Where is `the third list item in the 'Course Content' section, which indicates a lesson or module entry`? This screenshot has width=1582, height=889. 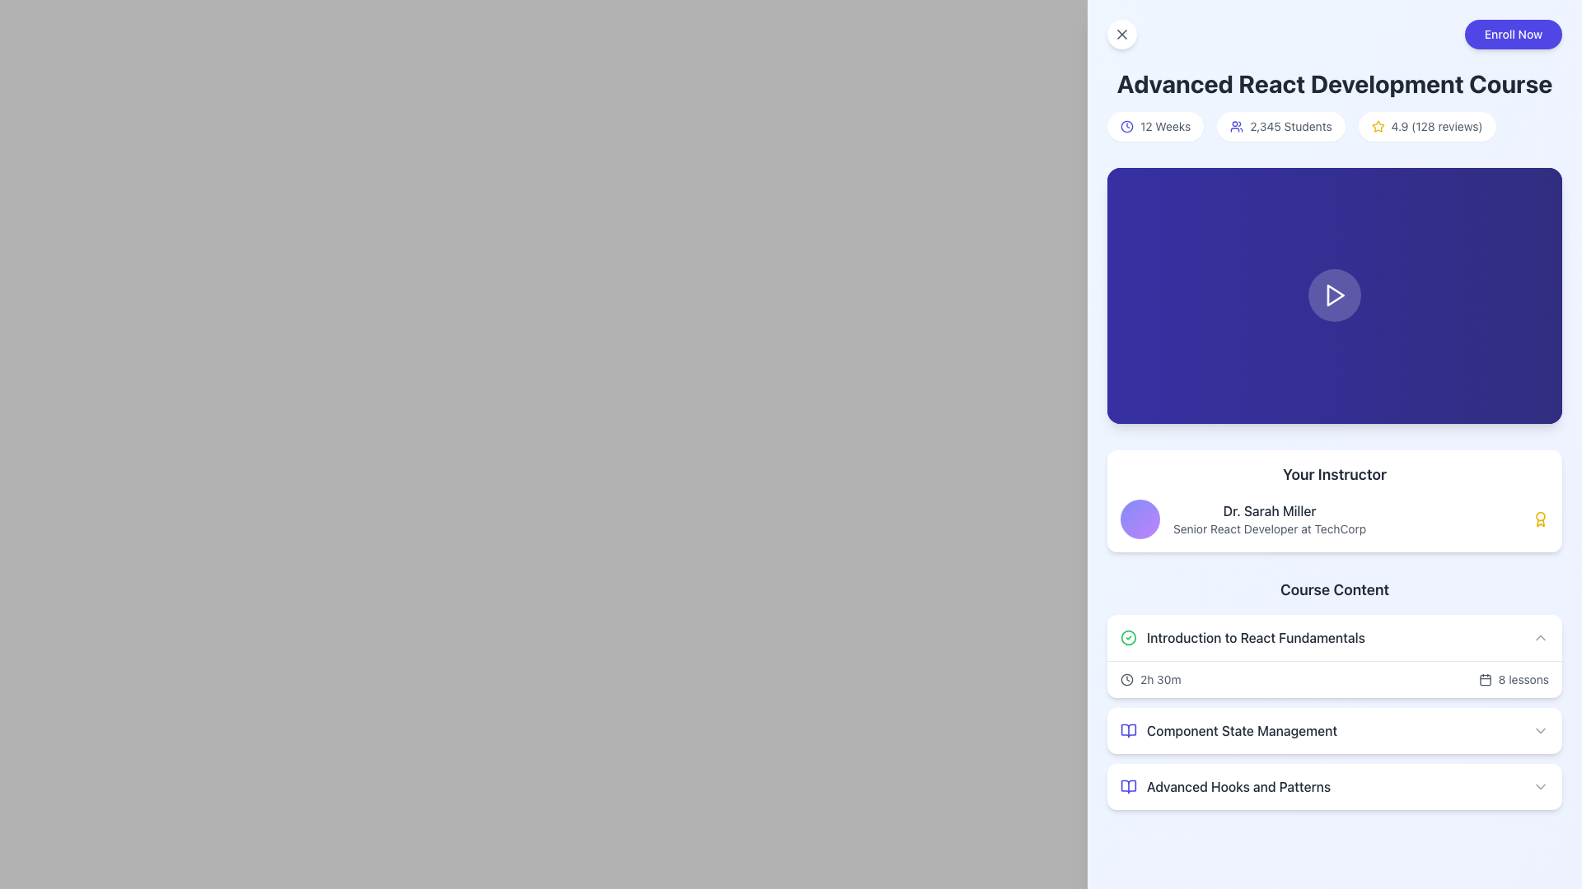
the third list item in the 'Course Content' section, which indicates a lesson or module entry is located at coordinates (1225, 785).